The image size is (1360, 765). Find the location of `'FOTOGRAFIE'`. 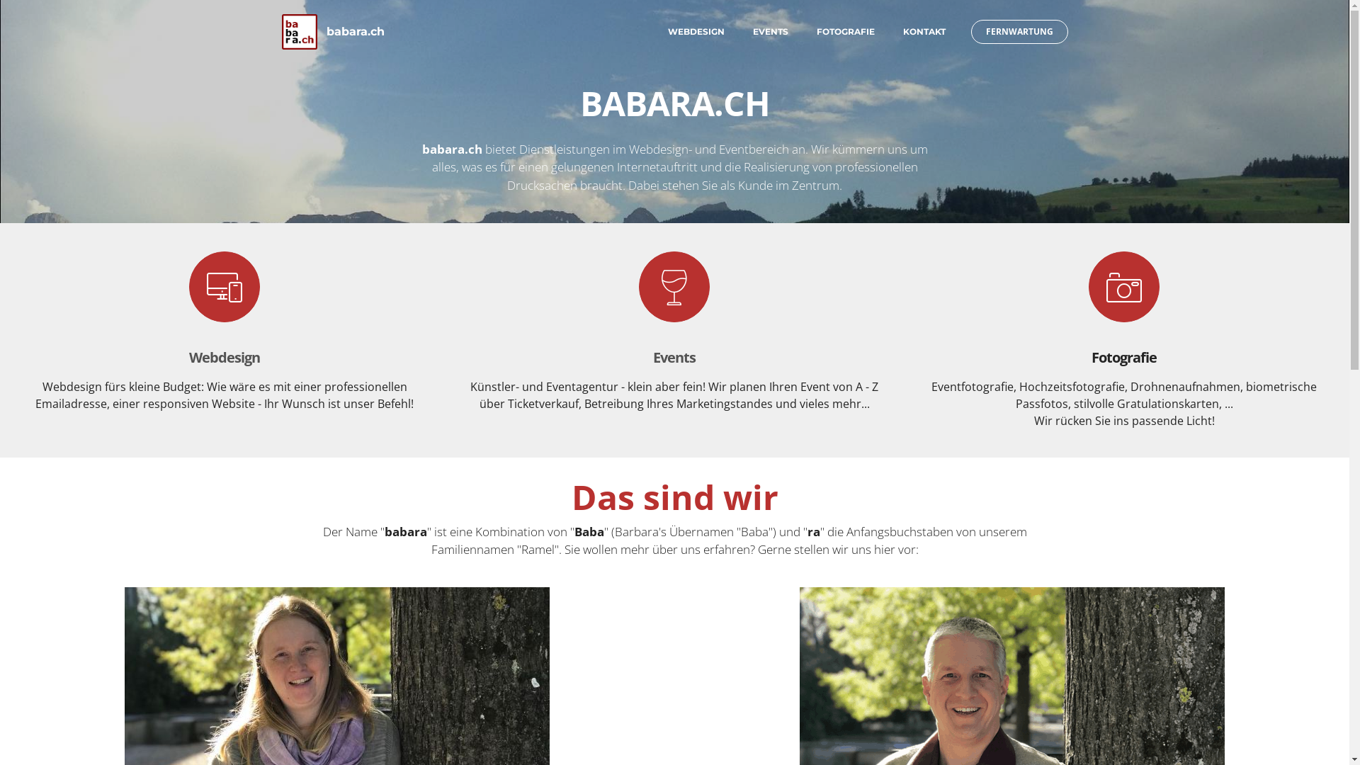

'FOTOGRAFIE' is located at coordinates (845, 32).